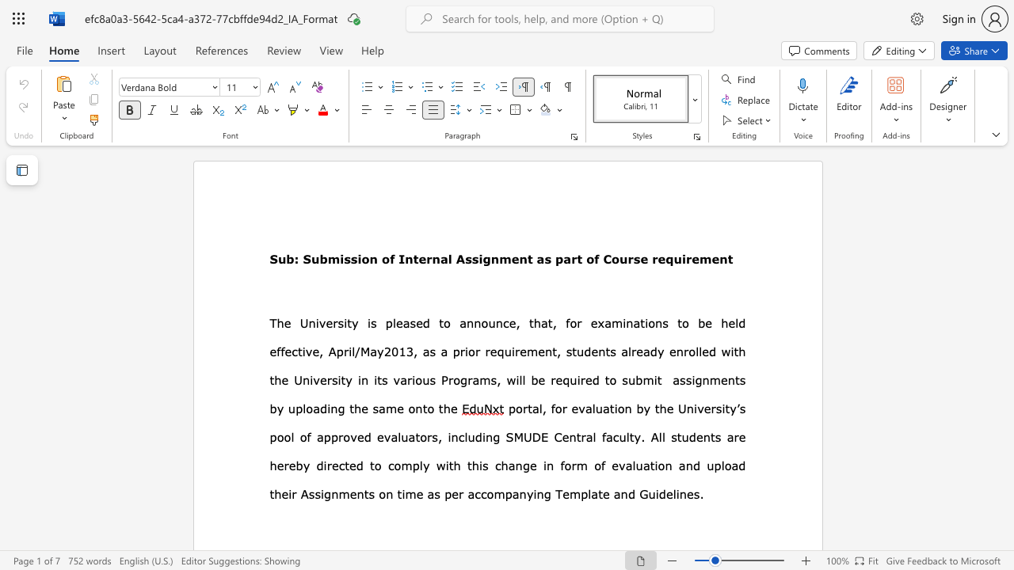 The height and width of the screenshot is (570, 1014). What do you see at coordinates (658, 258) in the screenshot?
I see `the subset text "equirem" within the text "Sub: Submission of Internal Assignment as part of Course requirement"` at bounding box center [658, 258].